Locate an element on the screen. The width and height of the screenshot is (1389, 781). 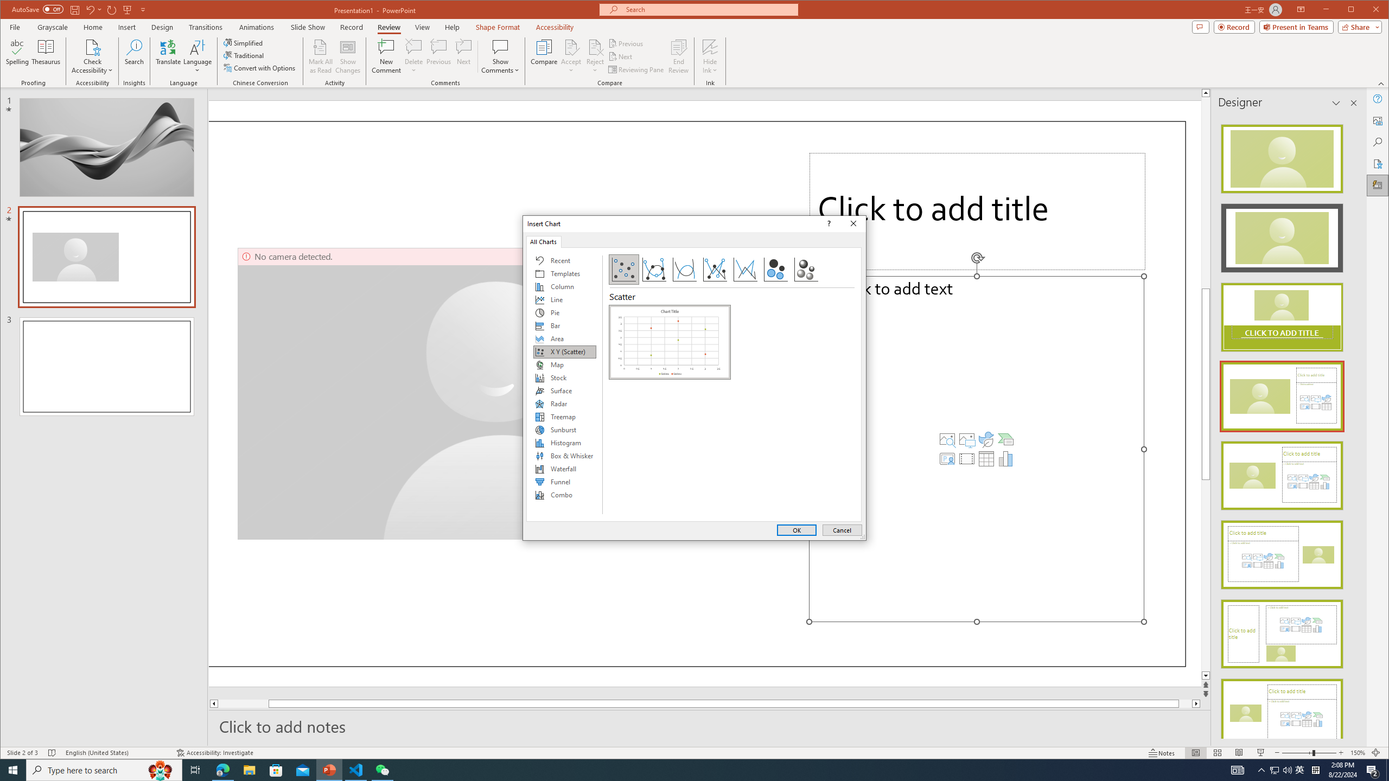
'Start' is located at coordinates (13, 769).